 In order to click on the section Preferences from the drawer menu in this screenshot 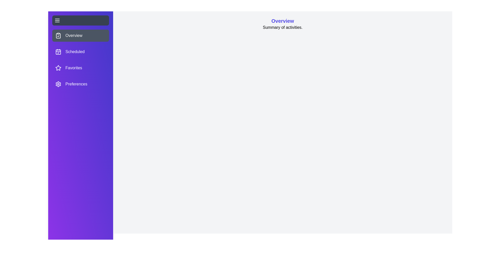, I will do `click(80, 84)`.